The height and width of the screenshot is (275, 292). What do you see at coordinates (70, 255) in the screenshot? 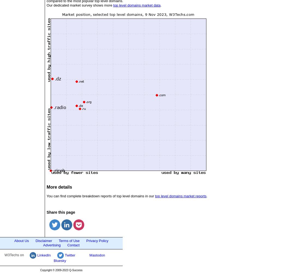
I see `'Twitter'` at bounding box center [70, 255].